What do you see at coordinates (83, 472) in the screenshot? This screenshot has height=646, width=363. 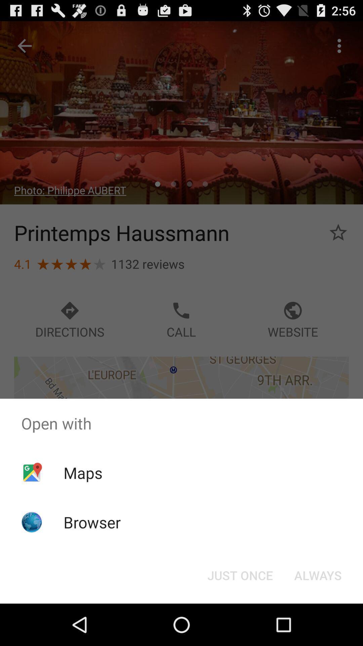 I see `the maps app` at bounding box center [83, 472].